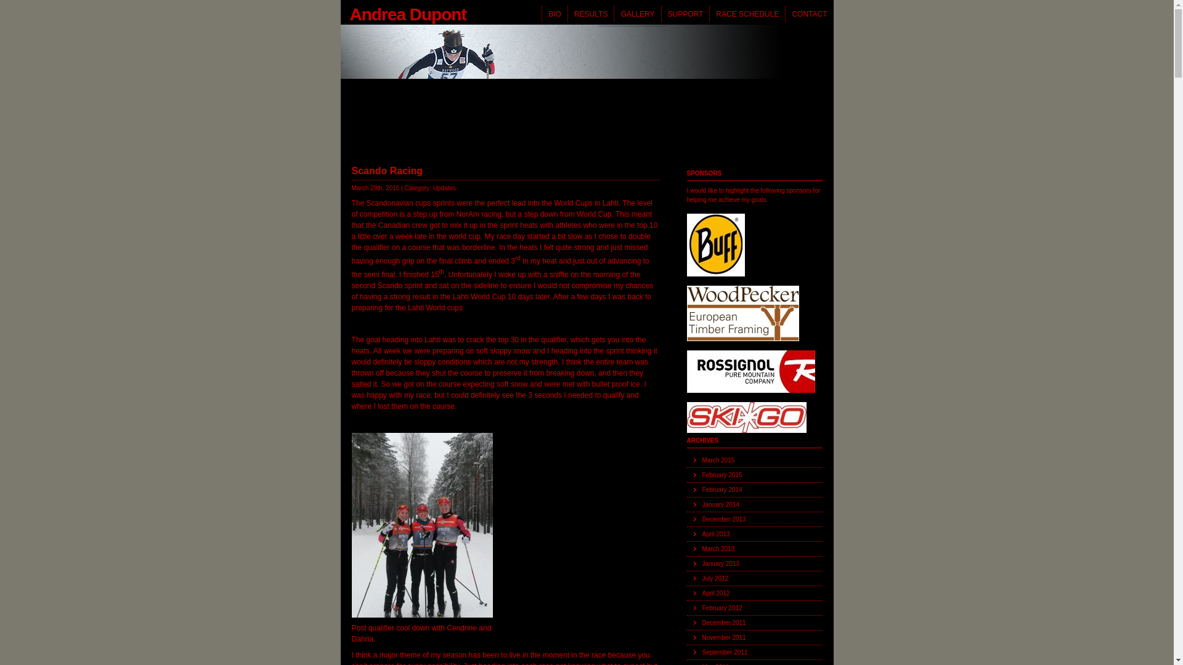 This screenshot has height=665, width=1183. What do you see at coordinates (809, 14) in the screenshot?
I see `'CONTACT'` at bounding box center [809, 14].